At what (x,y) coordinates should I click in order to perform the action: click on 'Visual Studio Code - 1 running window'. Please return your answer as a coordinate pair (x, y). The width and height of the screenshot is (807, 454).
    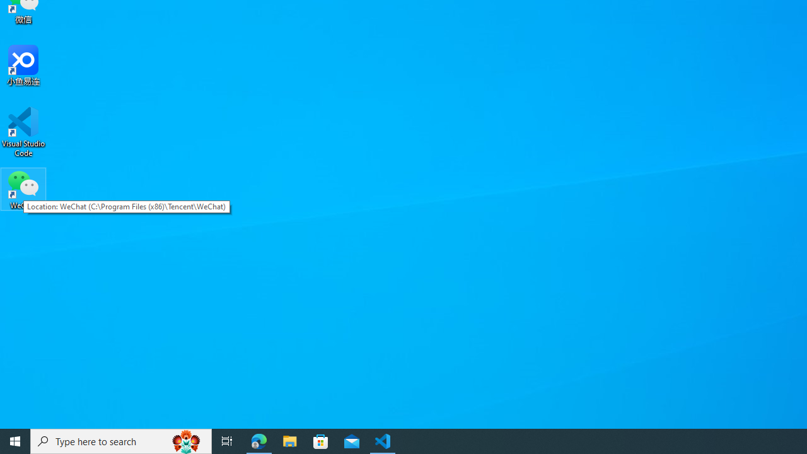
    Looking at the image, I should click on (382, 440).